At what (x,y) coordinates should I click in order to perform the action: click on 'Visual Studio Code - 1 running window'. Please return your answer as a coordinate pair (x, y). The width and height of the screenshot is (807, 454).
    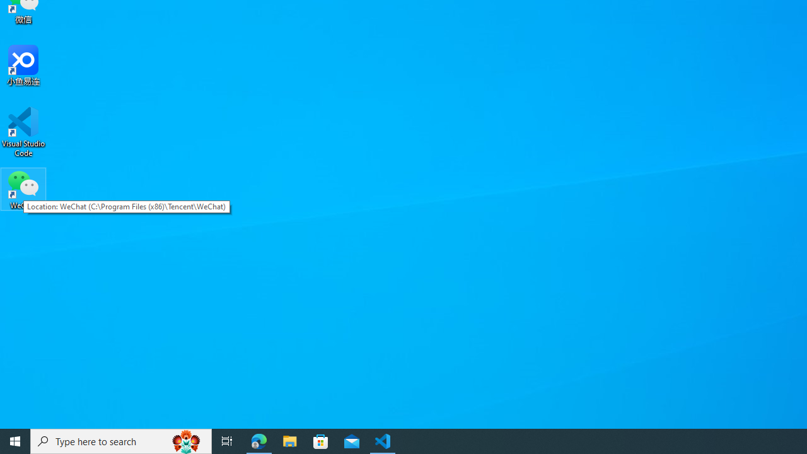
    Looking at the image, I should click on (382, 440).